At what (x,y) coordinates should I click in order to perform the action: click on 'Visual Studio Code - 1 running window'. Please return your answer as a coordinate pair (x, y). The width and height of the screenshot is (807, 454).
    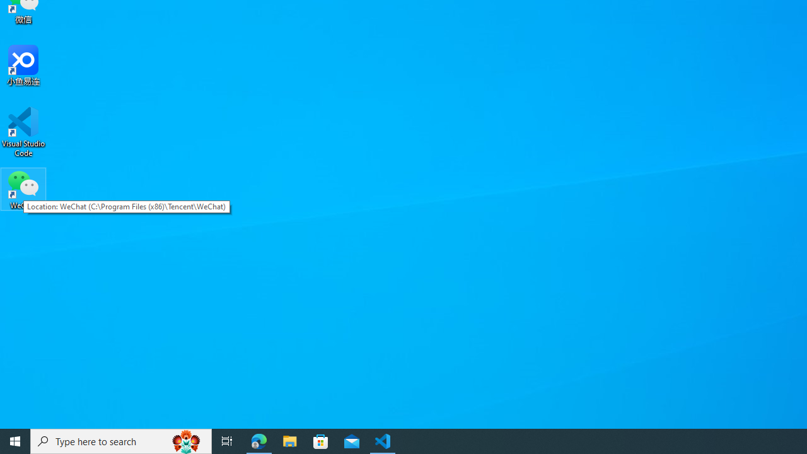
    Looking at the image, I should click on (382, 440).